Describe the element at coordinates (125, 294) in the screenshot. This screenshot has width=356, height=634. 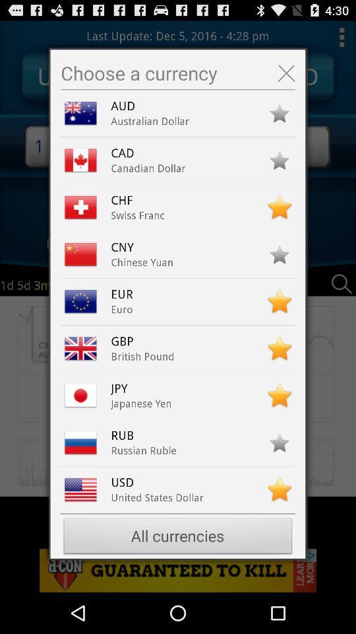
I see `the icon above euro` at that location.